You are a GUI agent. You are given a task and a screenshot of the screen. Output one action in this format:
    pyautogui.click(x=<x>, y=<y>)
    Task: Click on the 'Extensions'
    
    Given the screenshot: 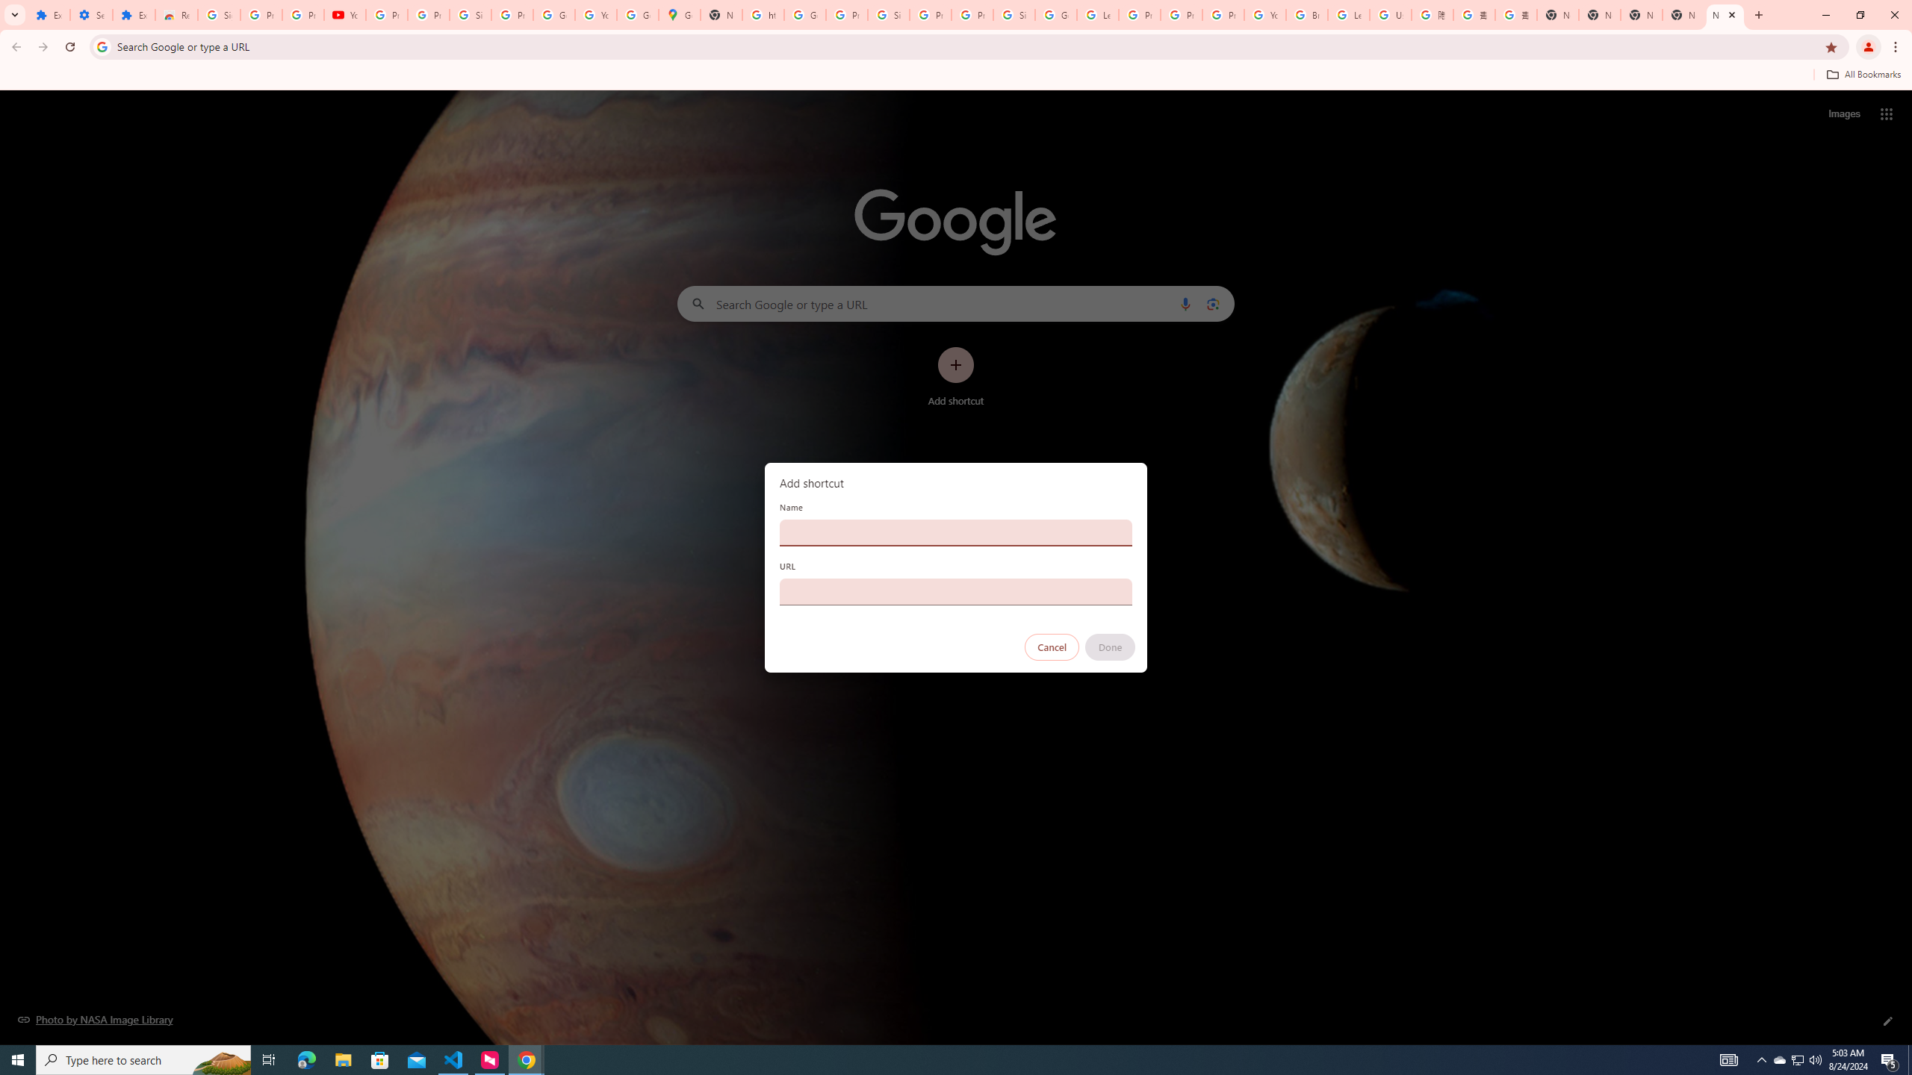 What is the action you would take?
    pyautogui.click(x=49, y=14)
    